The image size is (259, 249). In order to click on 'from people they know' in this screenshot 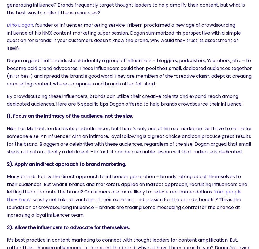, I will do `click(124, 195)`.